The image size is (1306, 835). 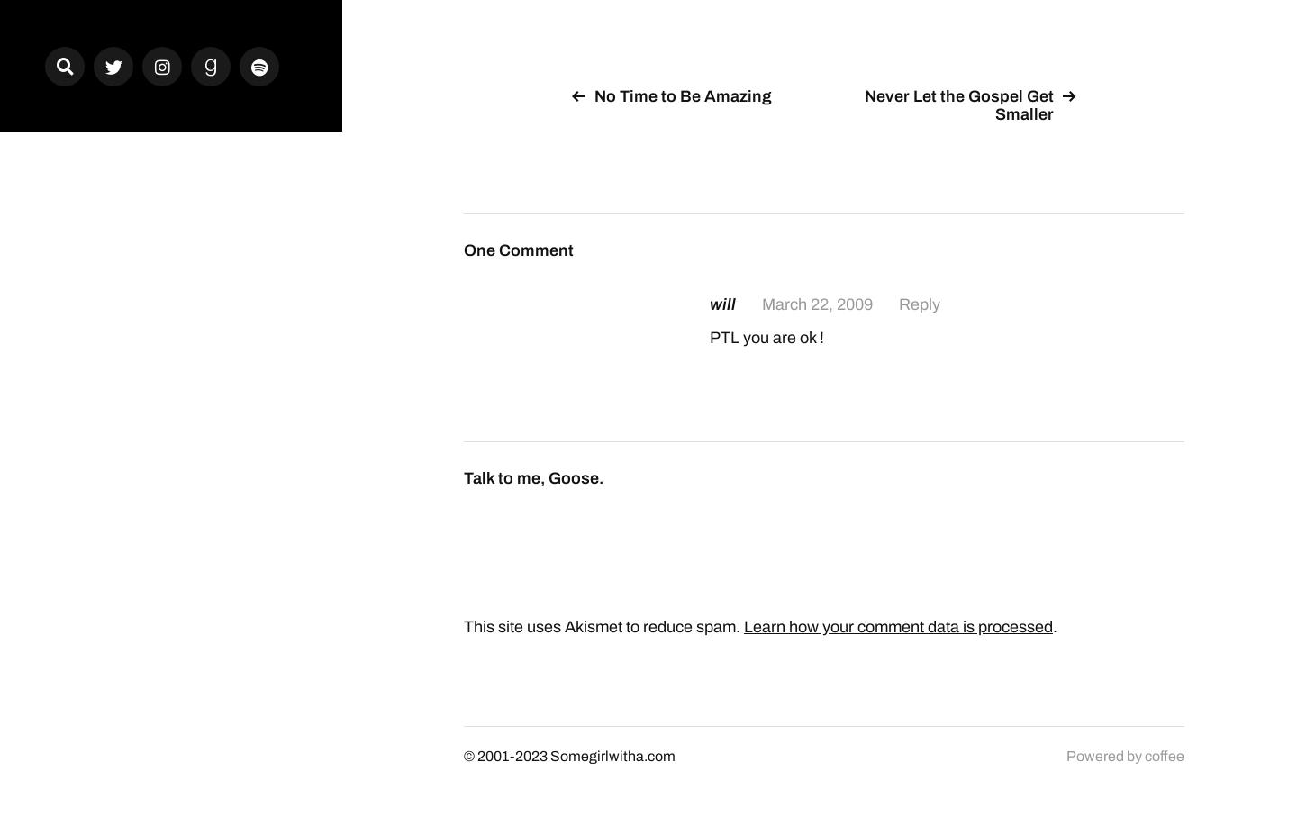 I want to click on 'PTL you are ok !', so click(x=766, y=336).